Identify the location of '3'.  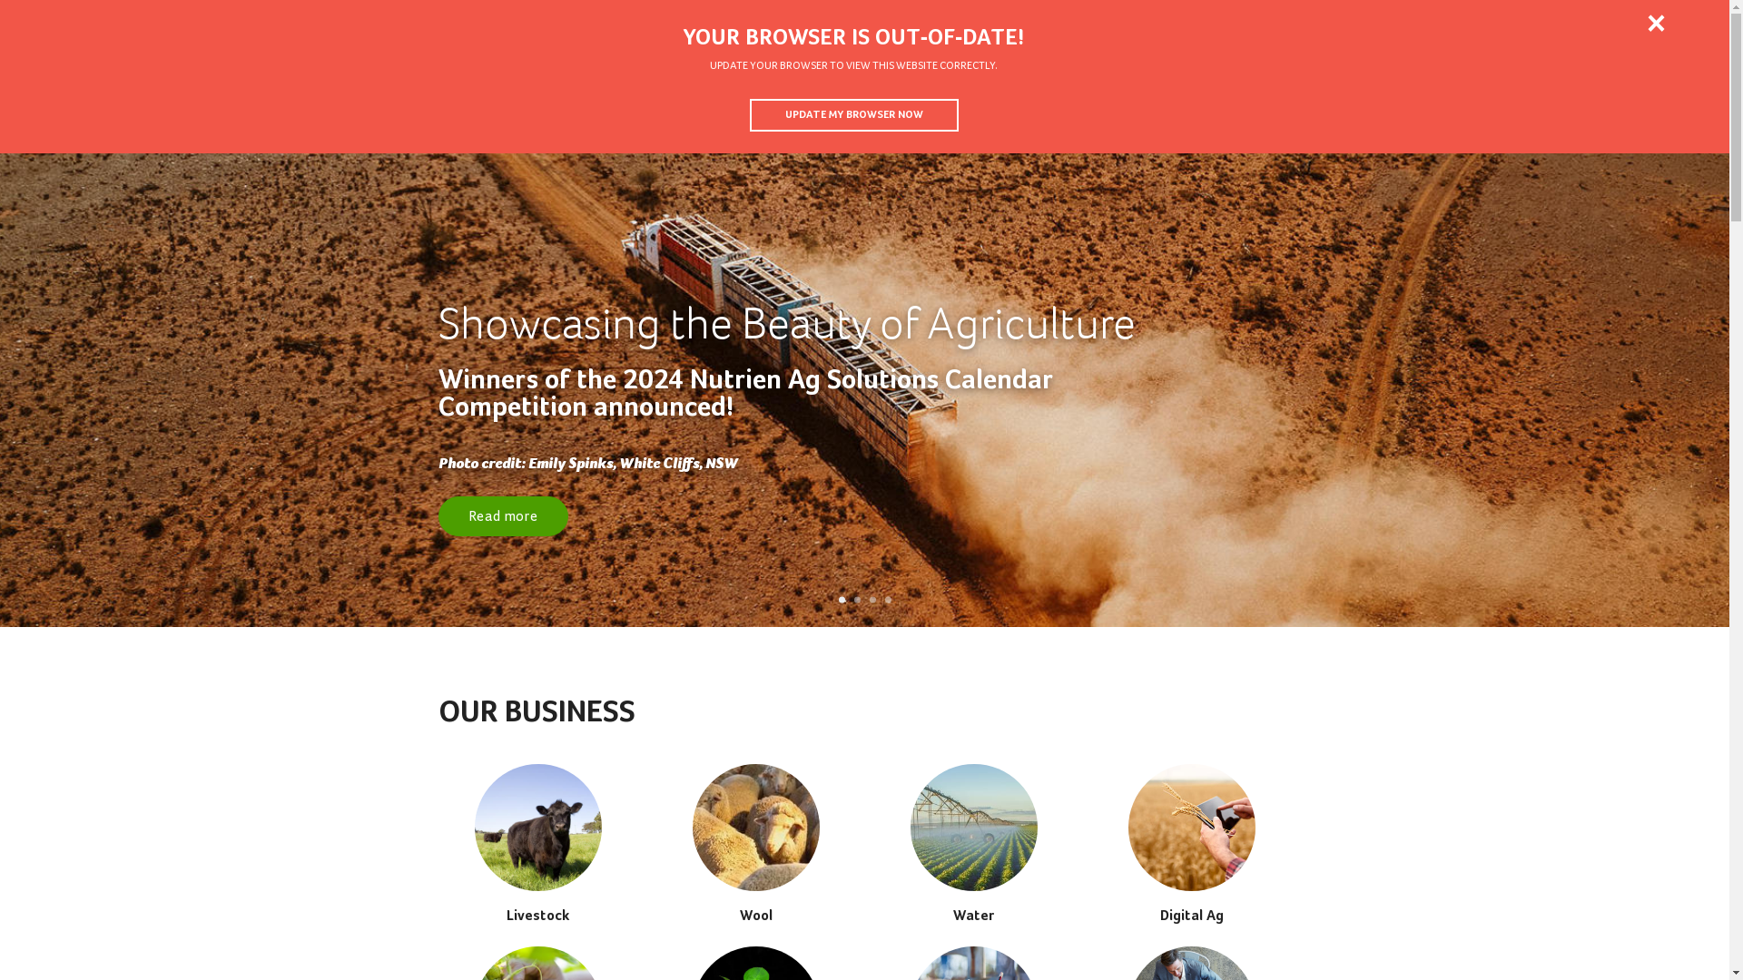
(872, 600).